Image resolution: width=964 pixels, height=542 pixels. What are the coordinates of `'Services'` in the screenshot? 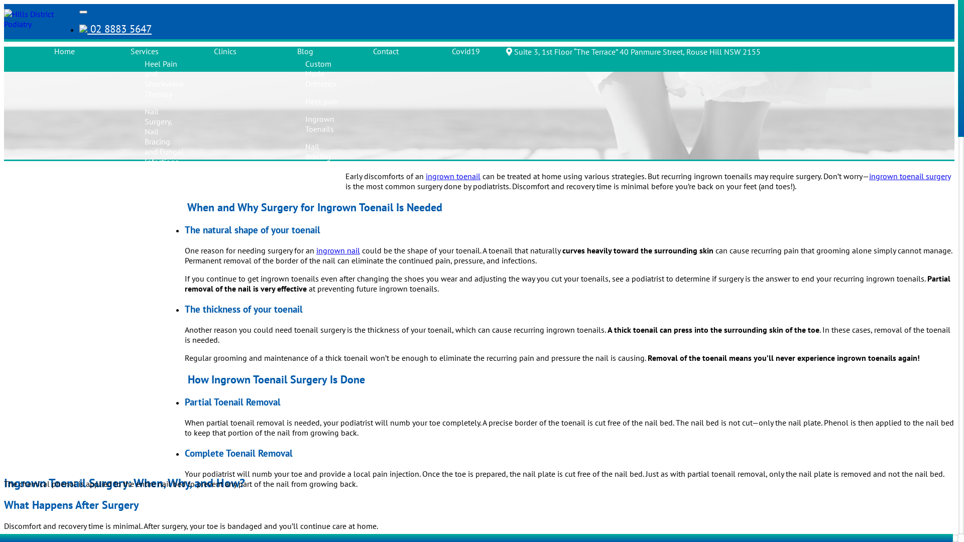 It's located at (144, 51).